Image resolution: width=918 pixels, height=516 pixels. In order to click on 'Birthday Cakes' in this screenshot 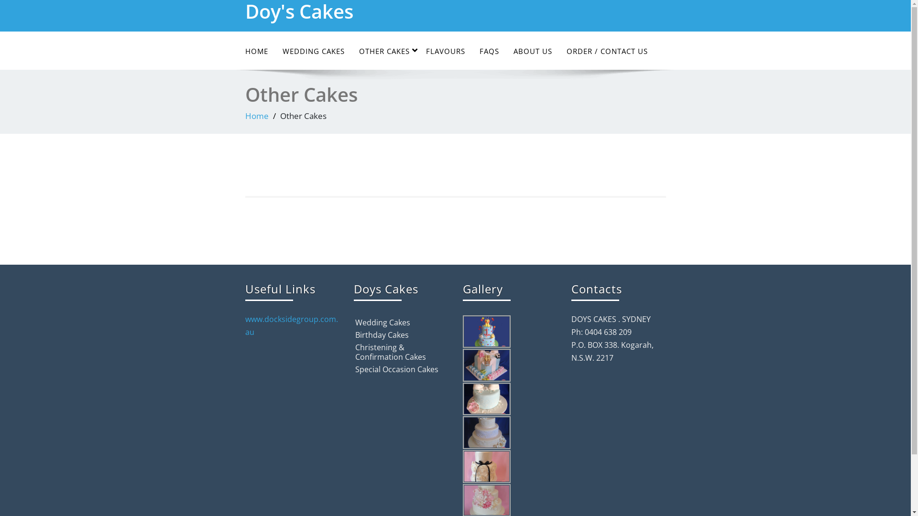, I will do `click(355, 334)`.